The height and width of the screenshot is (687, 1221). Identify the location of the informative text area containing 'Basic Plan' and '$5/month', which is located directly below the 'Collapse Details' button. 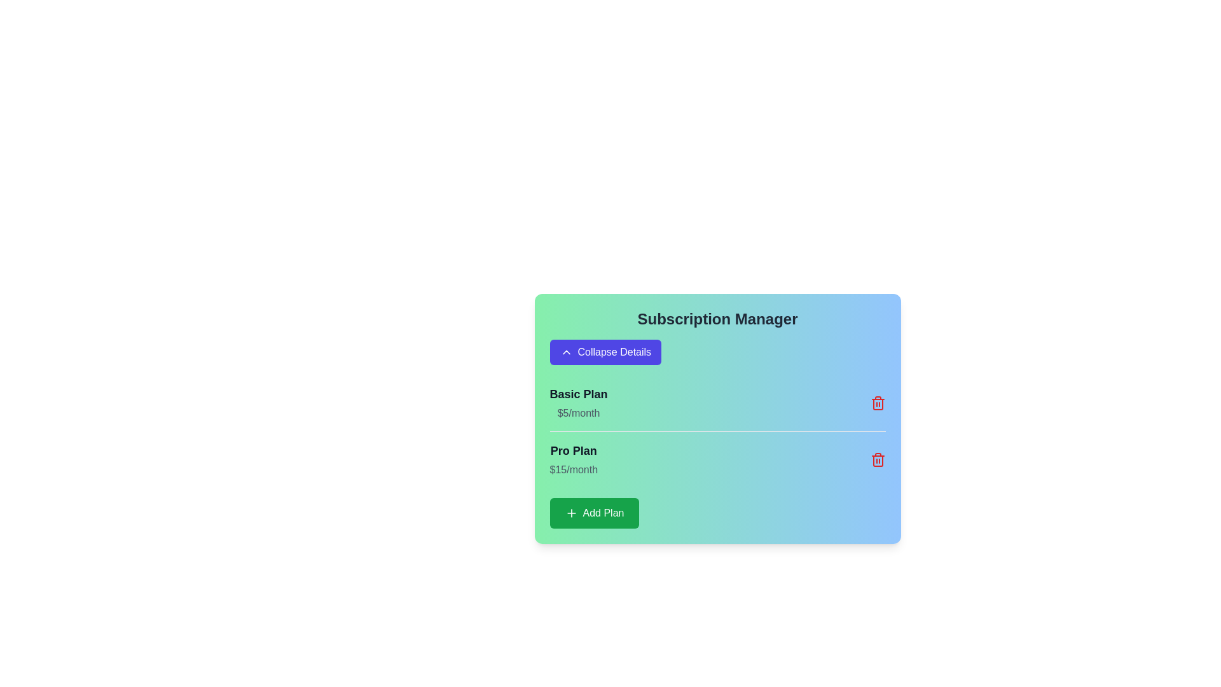
(578, 403).